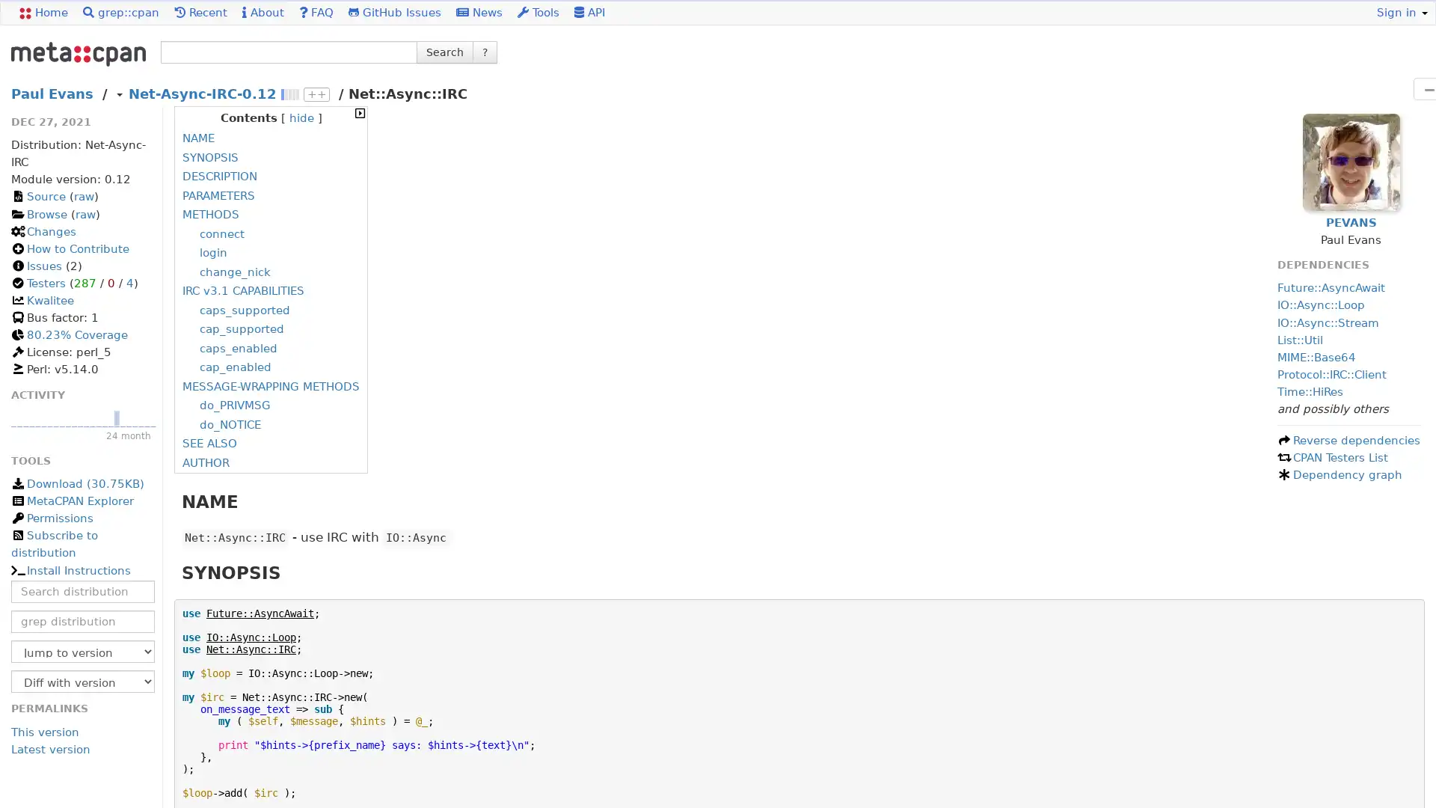  Describe the element at coordinates (70, 571) in the screenshot. I see `Install Instructions` at that location.